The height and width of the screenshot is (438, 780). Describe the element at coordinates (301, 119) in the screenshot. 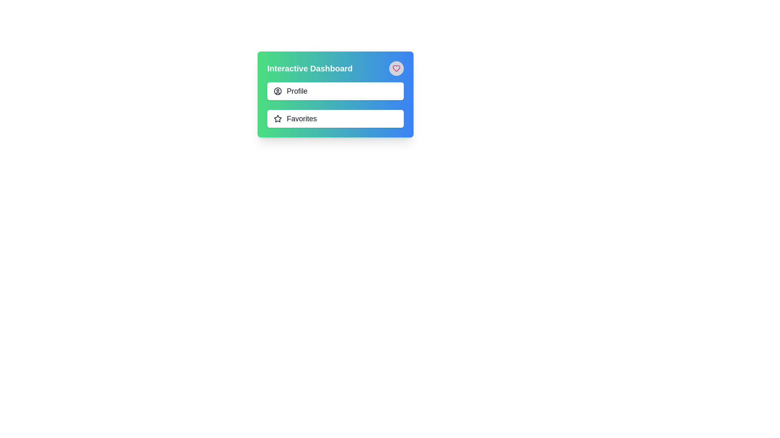

I see `the text label displaying 'Favorites', which is styled in dark gray, bold font, and positioned next to a star icon in the second menu option` at that location.